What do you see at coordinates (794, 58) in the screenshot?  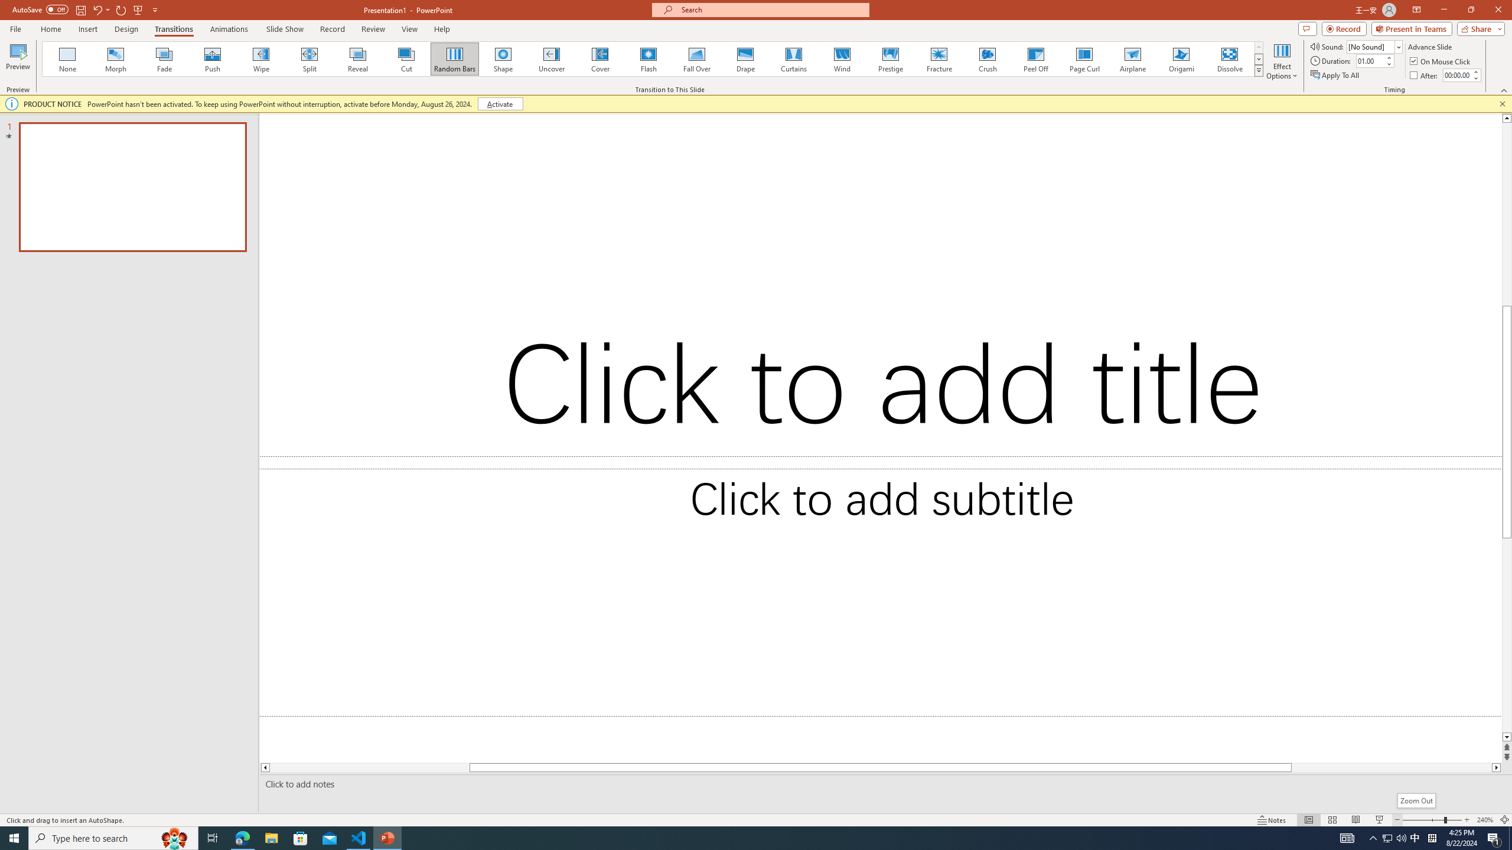 I see `'Curtains'` at bounding box center [794, 58].